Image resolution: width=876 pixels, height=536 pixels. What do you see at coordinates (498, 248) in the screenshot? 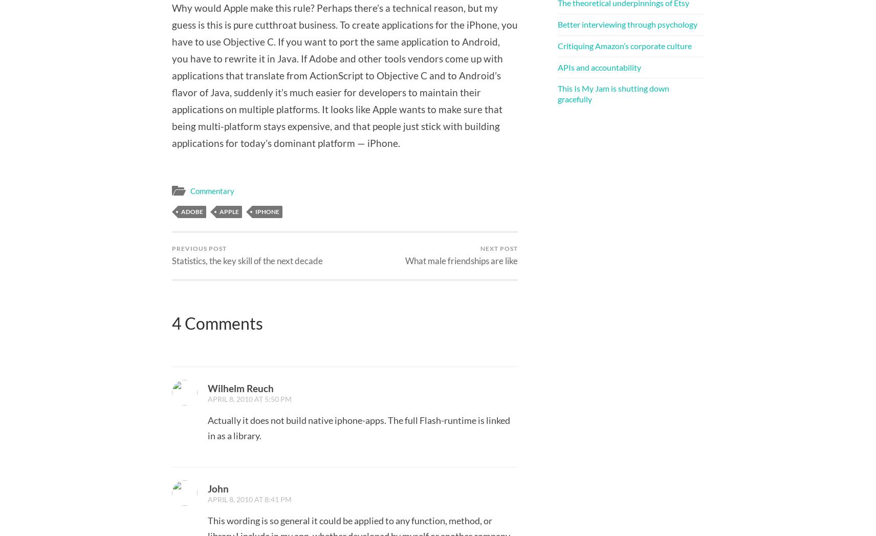
I see `'Next post'` at bounding box center [498, 248].